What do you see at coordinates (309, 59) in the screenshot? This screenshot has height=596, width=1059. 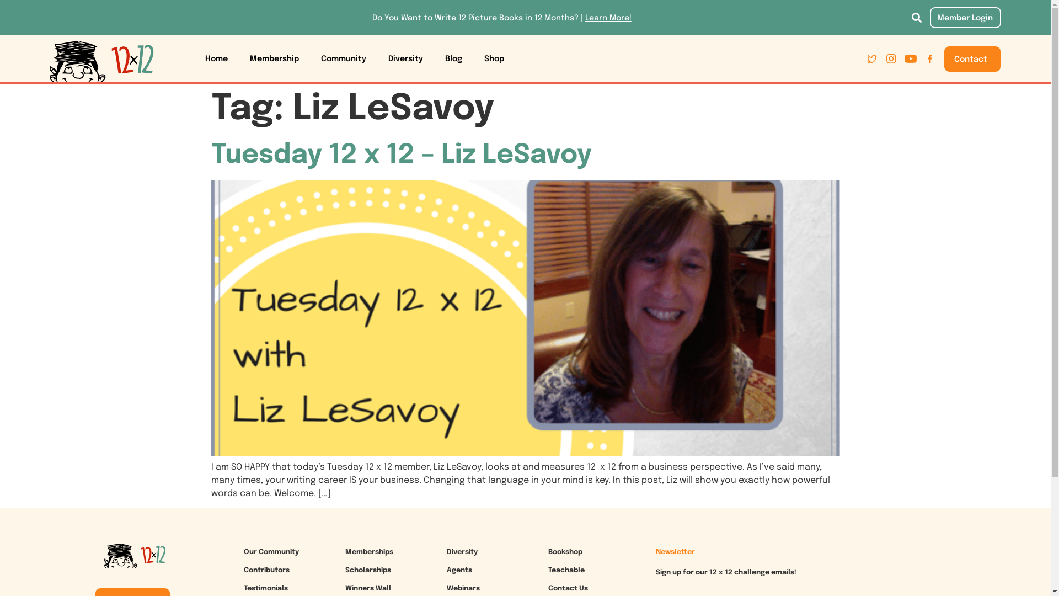 I see `'Community'` at bounding box center [309, 59].